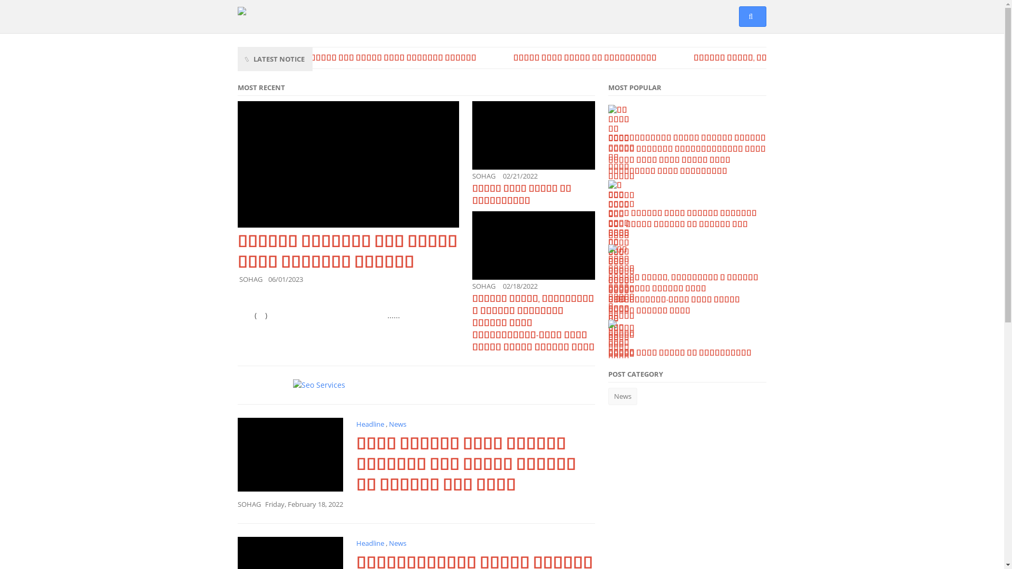  Describe the element at coordinates (397, 424) in the screenshot. I see `'News'` at that location.